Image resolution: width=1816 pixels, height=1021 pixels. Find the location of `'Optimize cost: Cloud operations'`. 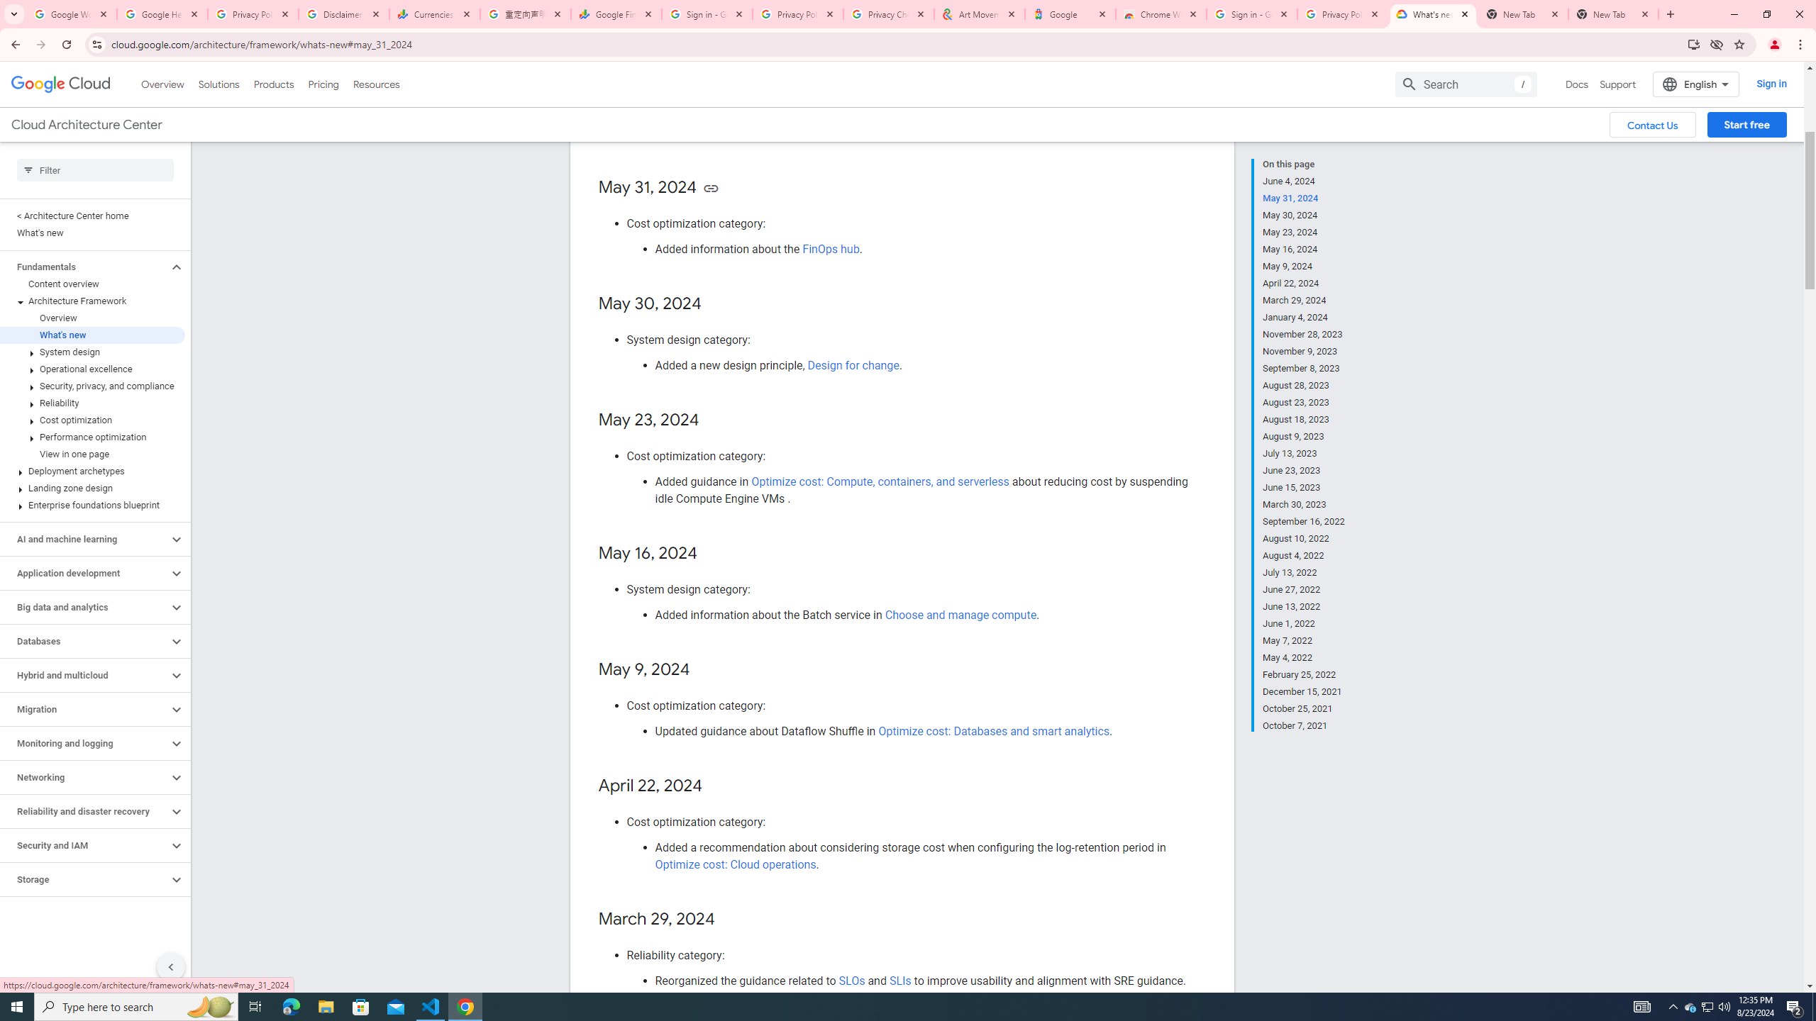

'Optimize cost: Cloud operations' is located at coordinates (736, 863).